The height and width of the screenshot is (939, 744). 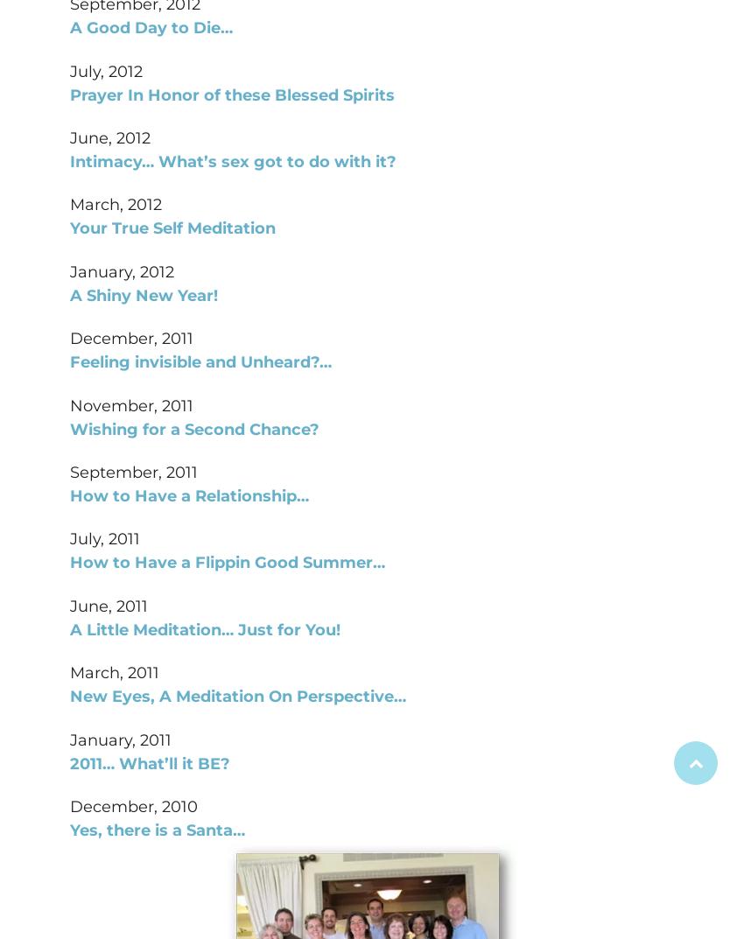 I want to click on 'A Good Day to Die…', so click(x=150, y=26).